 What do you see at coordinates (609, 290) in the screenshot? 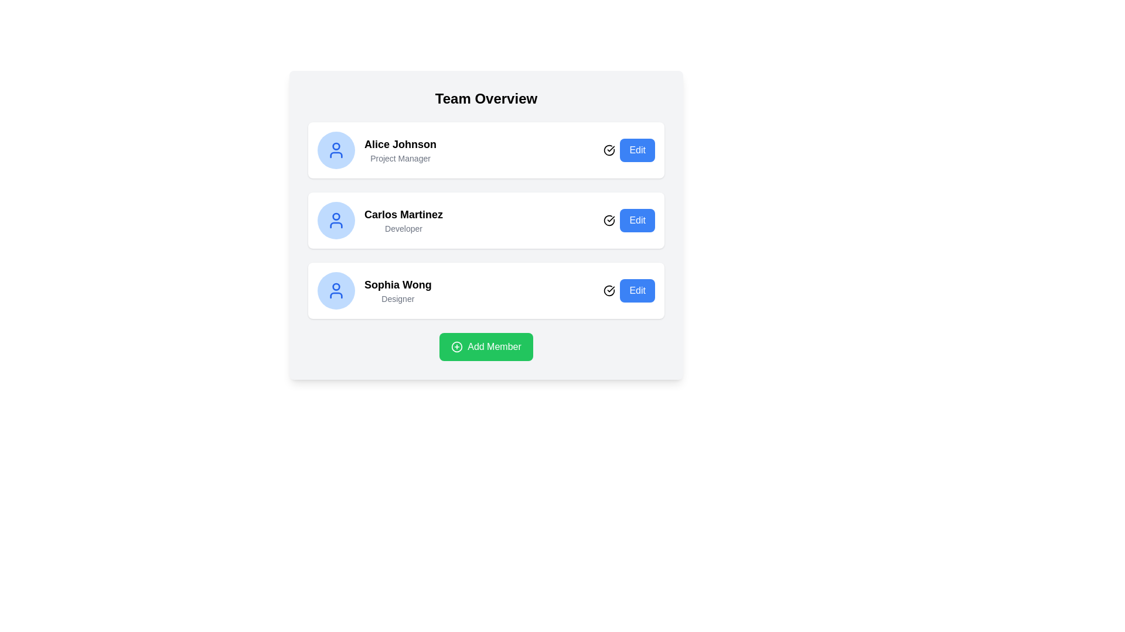
I see `the status indicator icon located immediately to the left of the 'Edit' button in the last row of the 'Team Overview' section` at bounding box center [609, 290].